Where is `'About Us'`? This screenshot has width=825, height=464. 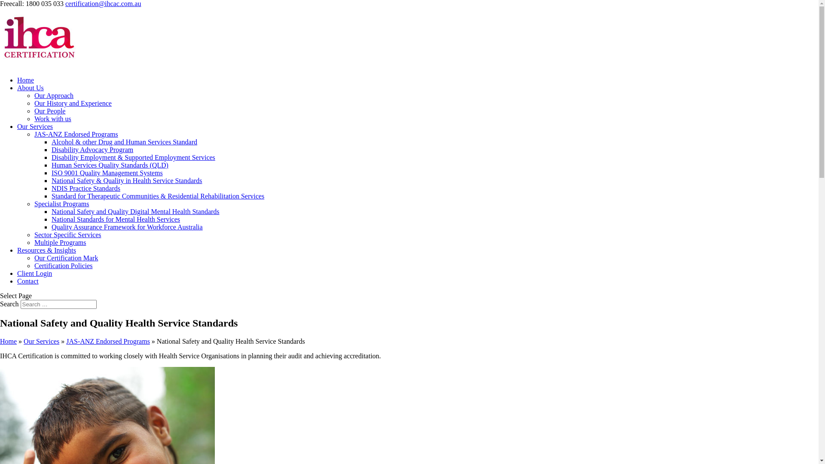 'About Us' is located at coordinates (31, 88).